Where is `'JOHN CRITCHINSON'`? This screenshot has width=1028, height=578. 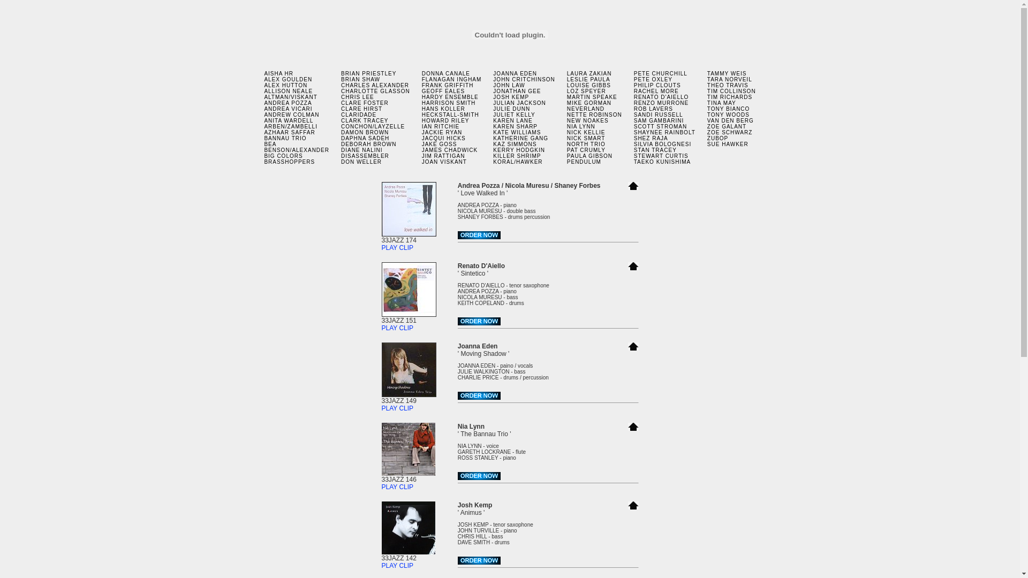
'JOHN CRITCHINSON' is located at coordinates (524, 79).